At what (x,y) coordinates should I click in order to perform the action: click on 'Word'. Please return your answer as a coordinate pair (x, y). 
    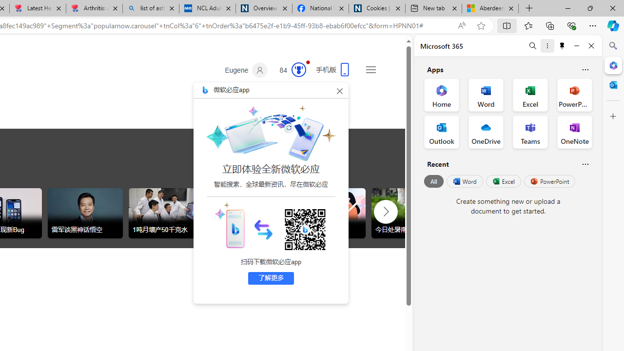
    Looking at the image, I should click on (464, 181).